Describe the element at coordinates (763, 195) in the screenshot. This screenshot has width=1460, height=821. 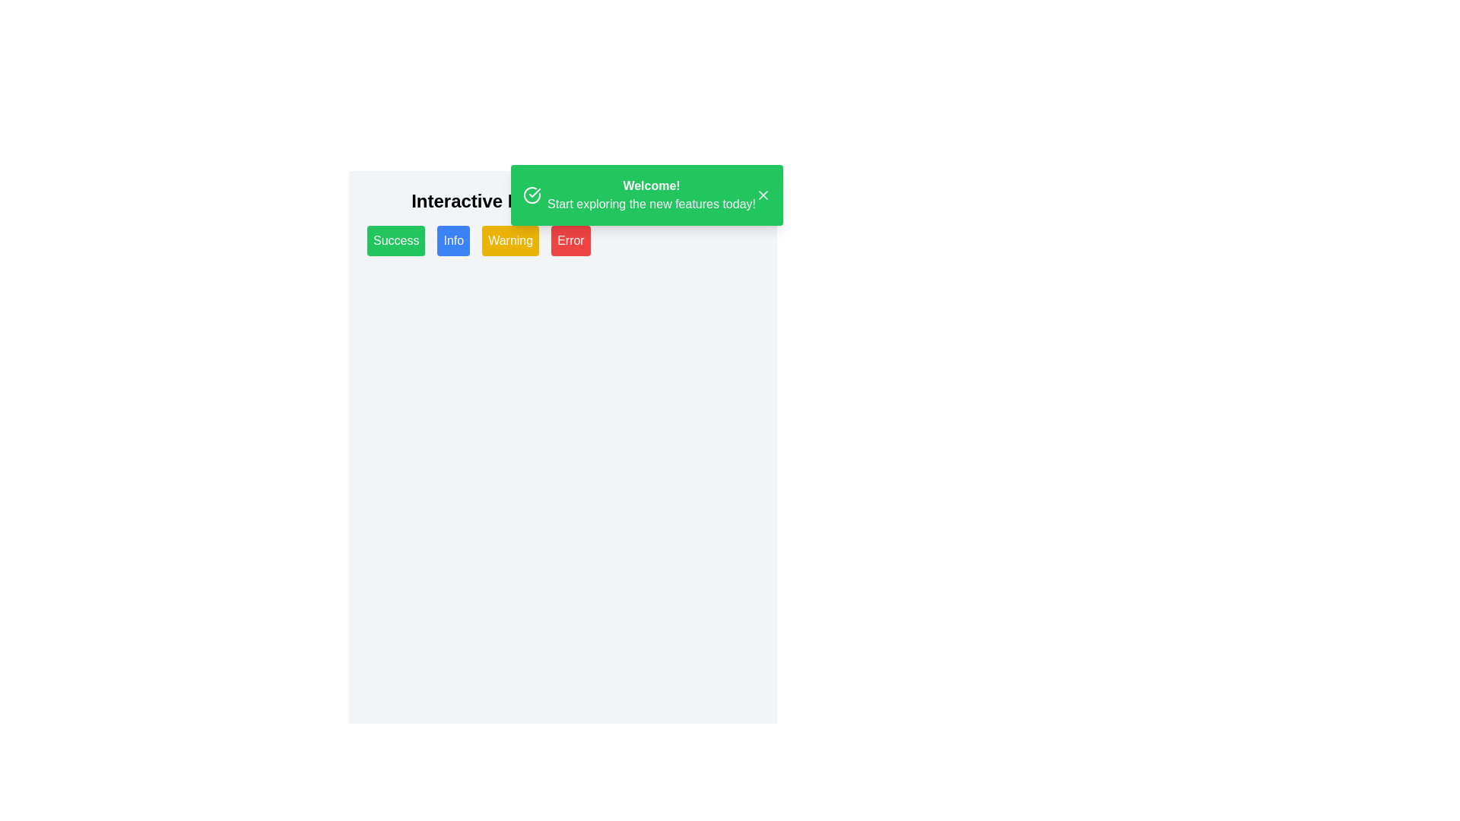
I see `the close (X) icon button located in the top-right corner of the green notification banner` at that location.